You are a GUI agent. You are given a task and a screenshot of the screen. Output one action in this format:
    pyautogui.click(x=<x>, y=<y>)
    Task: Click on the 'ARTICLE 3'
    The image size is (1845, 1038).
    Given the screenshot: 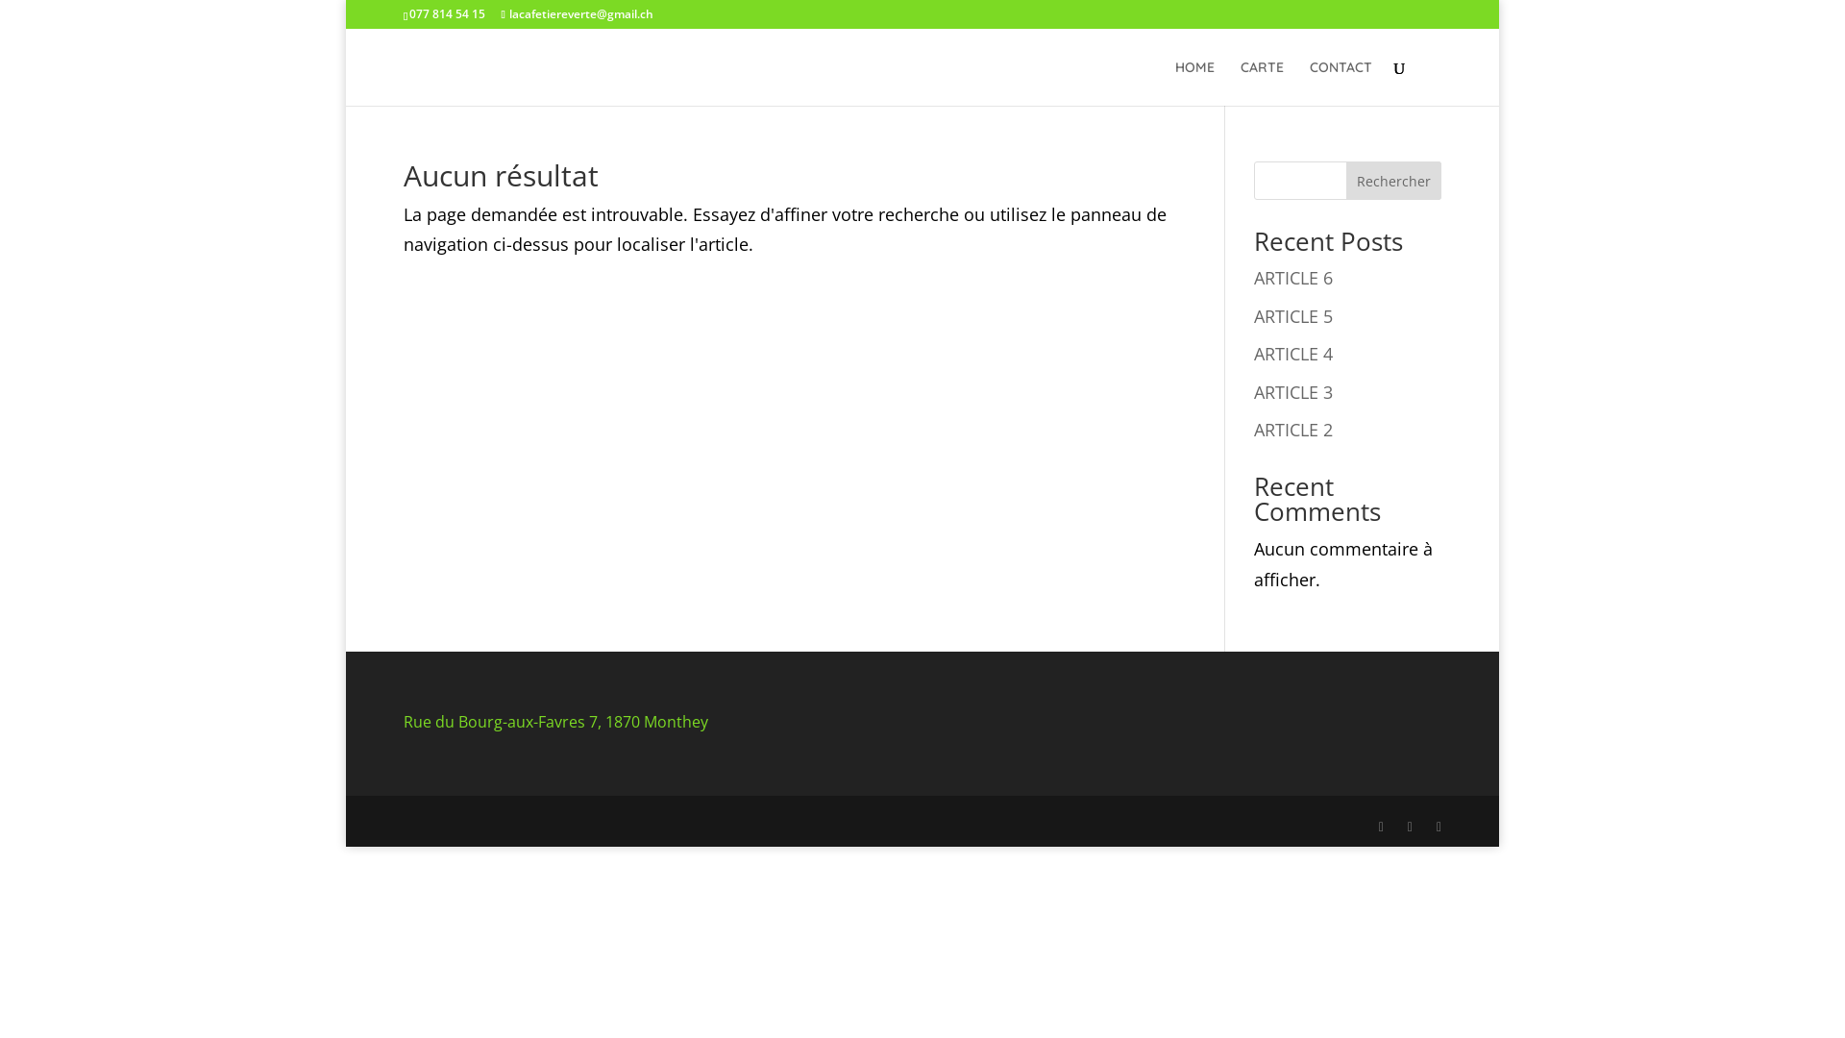 What is the action you would take?
    pyautogui.click(x=1292, y=391)
    